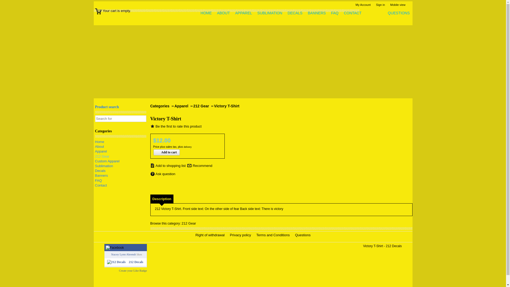  What do you see at coordinates (153, 152) in the screenshot?
I see `'Add to cart'` at bounding box center [153, 152].